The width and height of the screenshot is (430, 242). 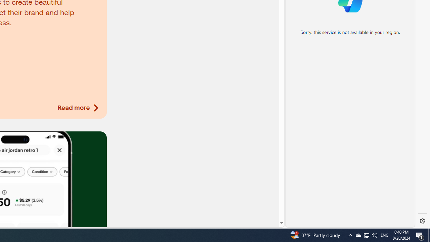 I want to click on 'Settings', so click(x=422, y=221).